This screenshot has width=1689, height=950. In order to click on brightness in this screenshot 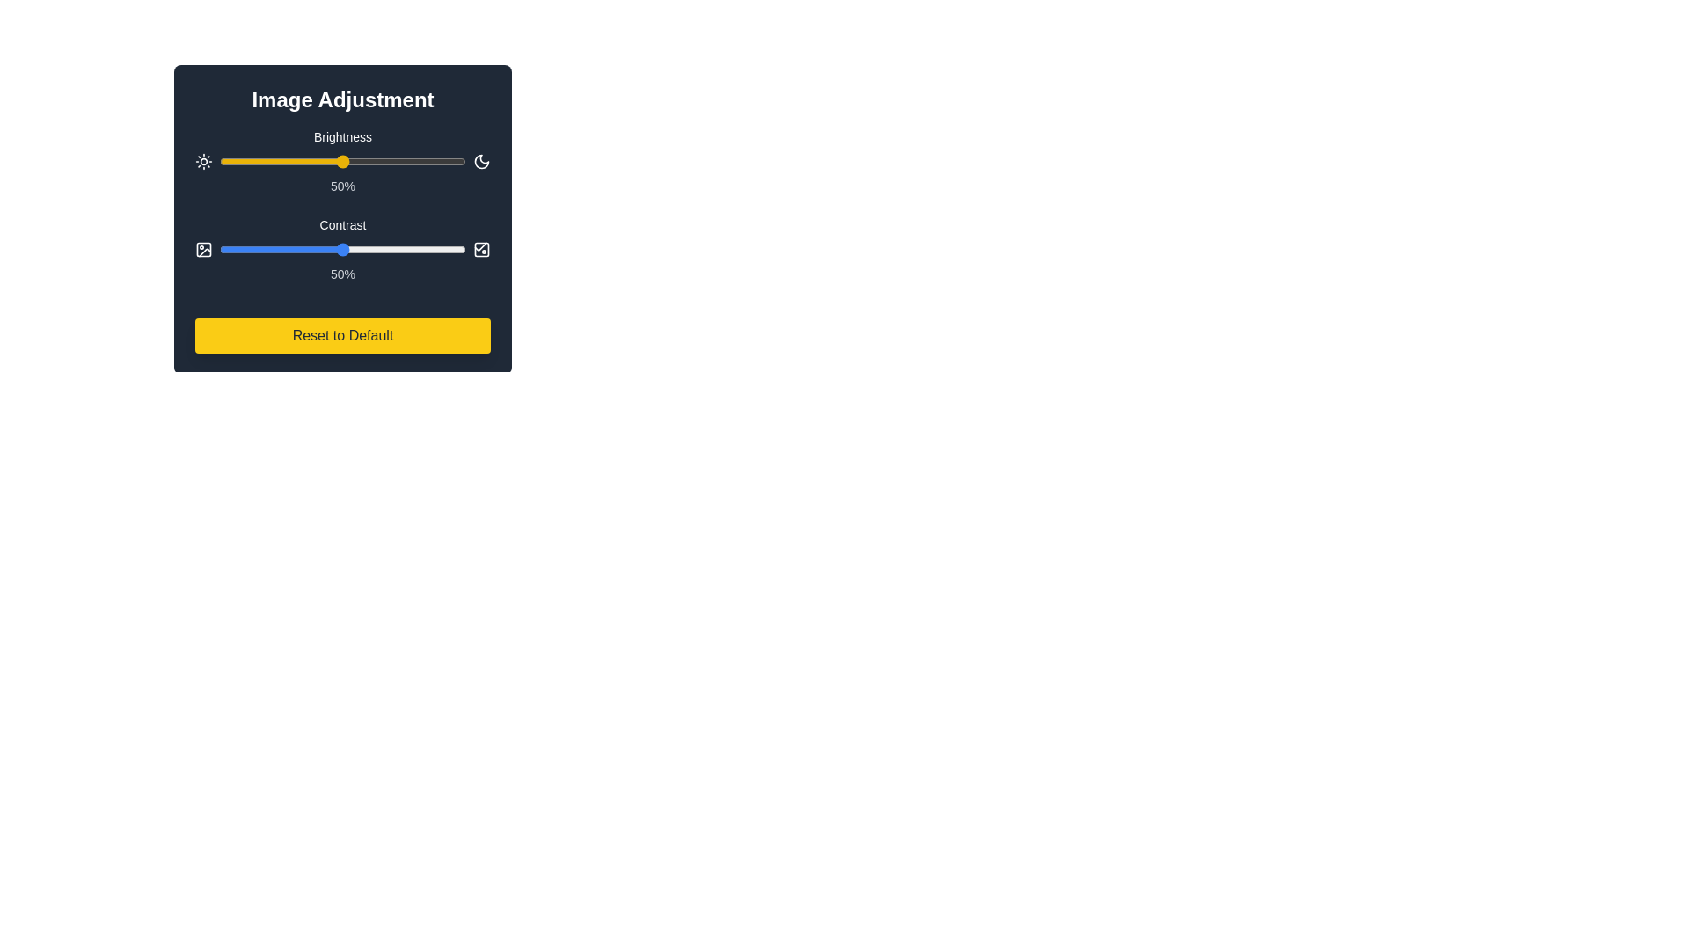, I will do `click(301, 162)`.